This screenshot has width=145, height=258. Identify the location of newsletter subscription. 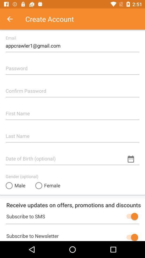
(130, 236).